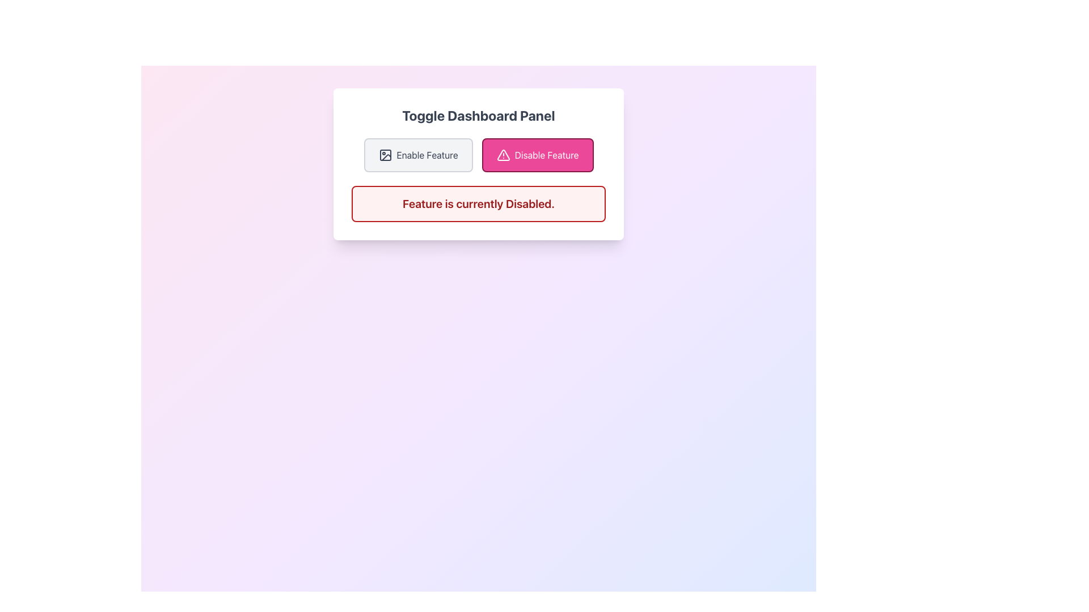  Describe the element at coordinates (503, 155) in the screenshot. I see `the warning triangle icon with an exclamation mark inside it, located to the left of the 'Disable Feature' text within the button` at that location.